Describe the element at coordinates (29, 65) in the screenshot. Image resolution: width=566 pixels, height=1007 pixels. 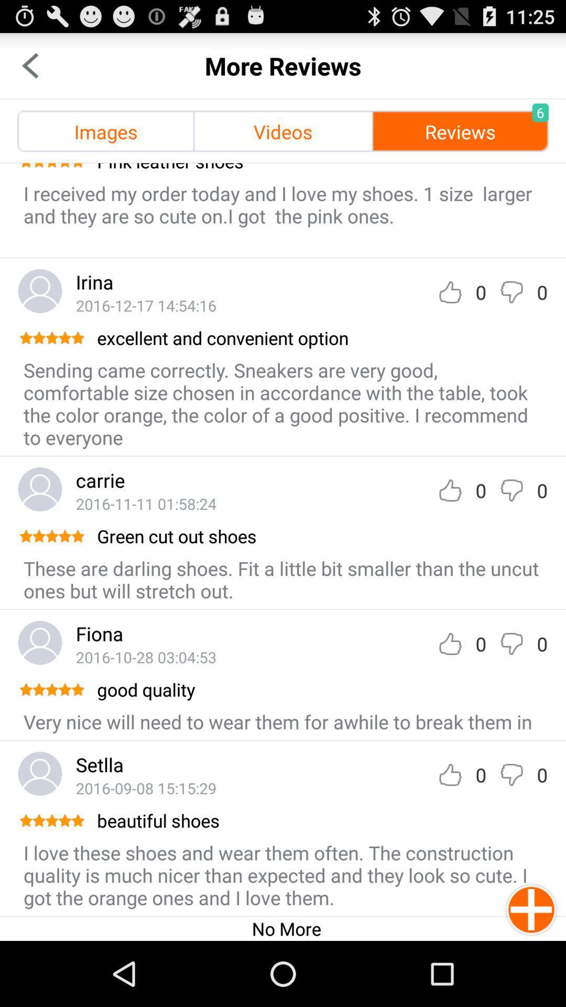
I see `go back` at that location.